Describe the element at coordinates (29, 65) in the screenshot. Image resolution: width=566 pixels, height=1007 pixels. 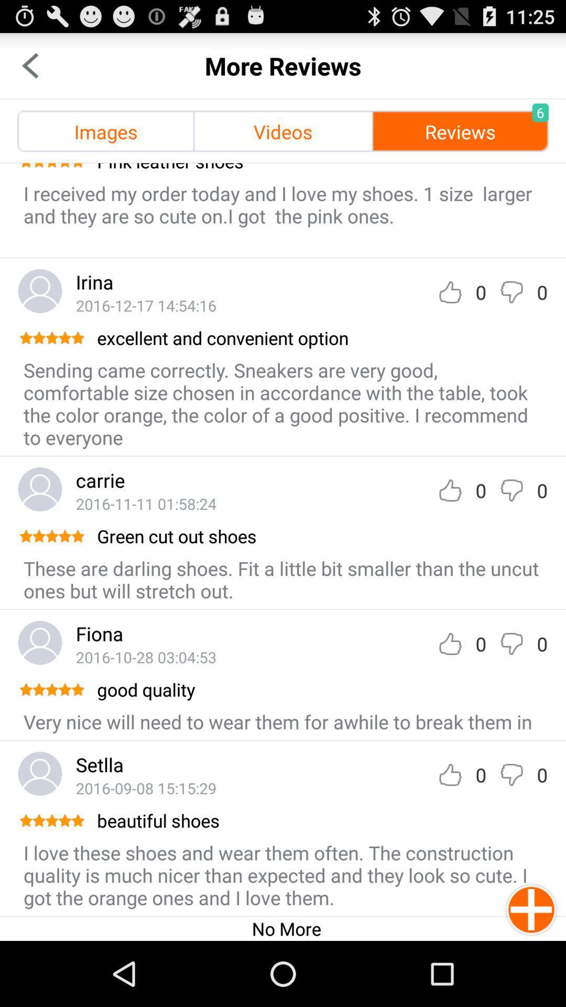
I see `go back` at that location.